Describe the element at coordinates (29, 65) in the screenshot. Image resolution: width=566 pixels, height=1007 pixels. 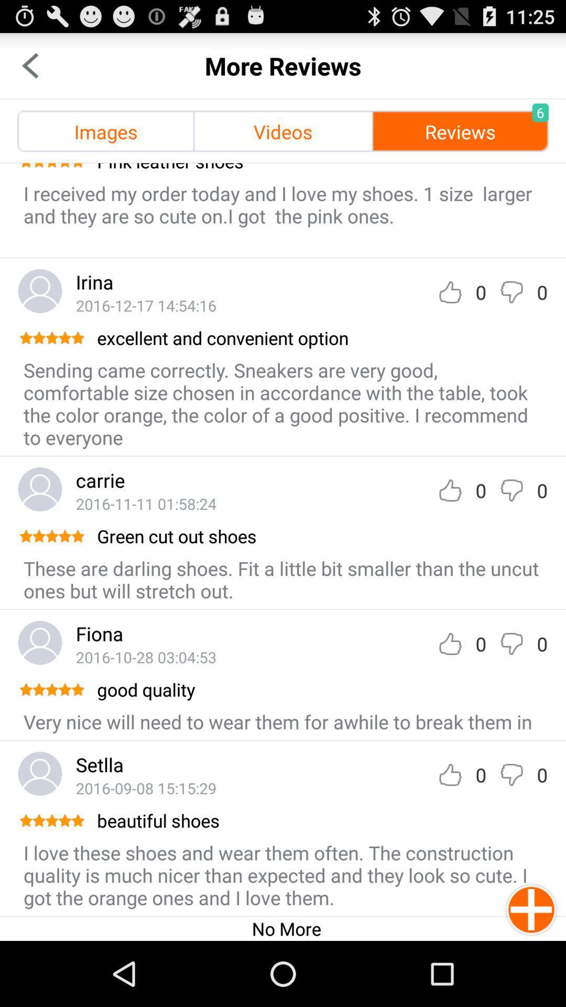
I see `go back` at that location.